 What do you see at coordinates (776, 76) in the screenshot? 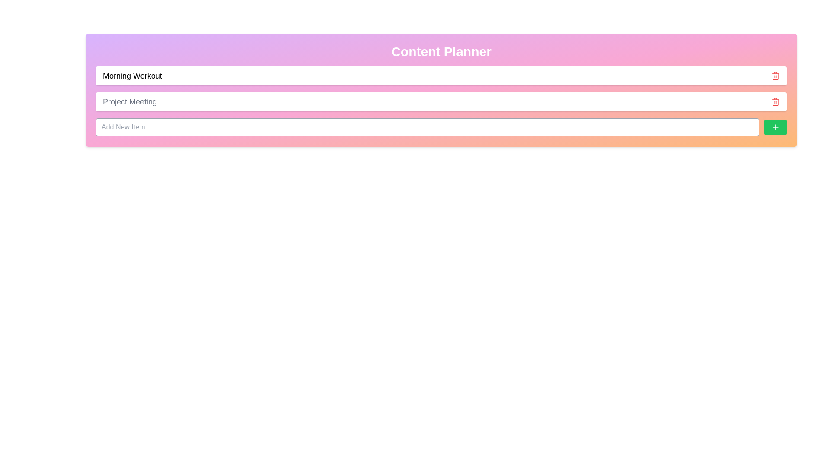
I see `the small red trash can icon button located at the far right end of the 'Morning Workout' segment` at bounding box center [776, 76].